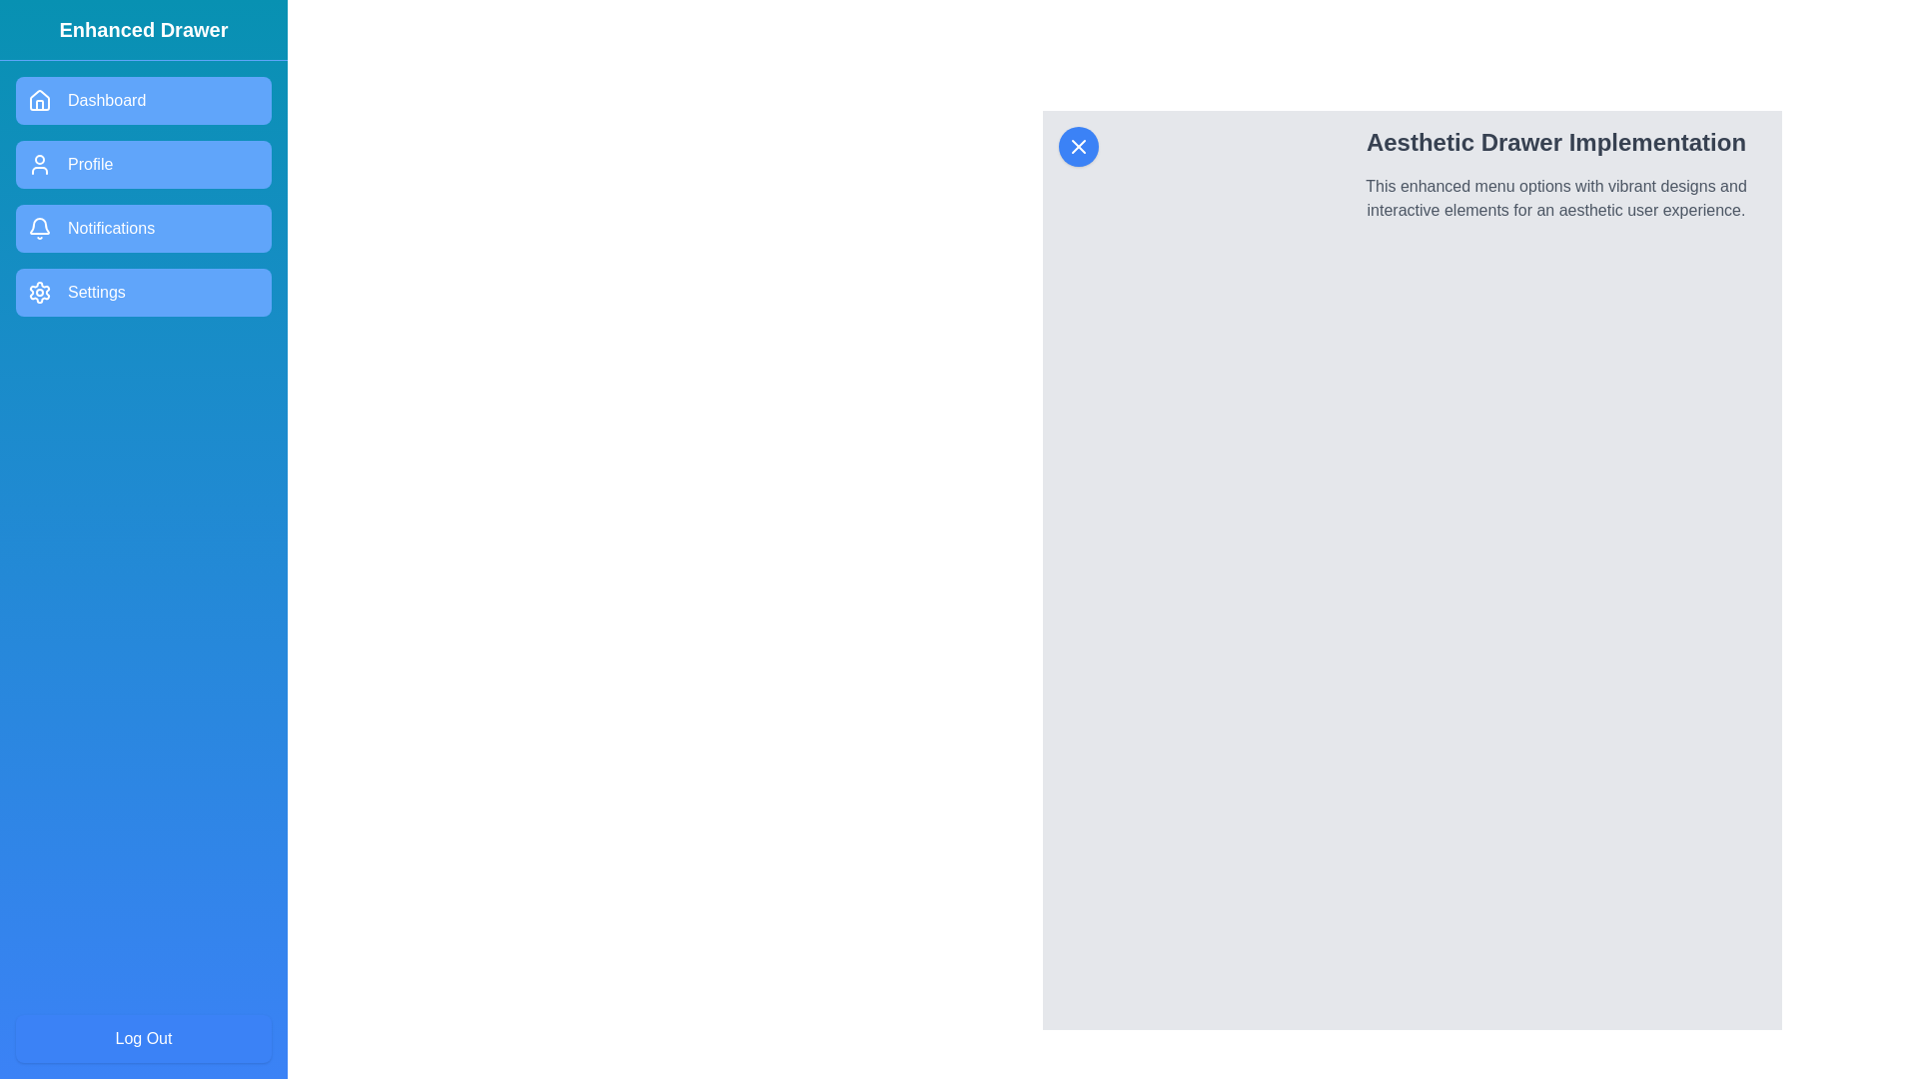  I want to click on informational text block presenting details about 'Aesthetic Drawer Implementation' located in the upper-right section of the interface, so click(1555, 173).